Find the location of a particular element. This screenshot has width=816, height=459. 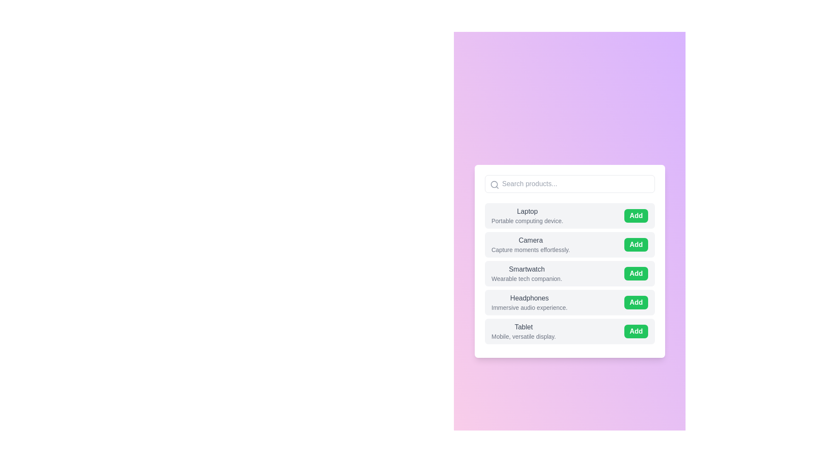

the 'Add Camera' button located on the right side of the row containing the title 'Camera' and subtext 'Capture moments effortlessly' is located at coordinates (636, 244).